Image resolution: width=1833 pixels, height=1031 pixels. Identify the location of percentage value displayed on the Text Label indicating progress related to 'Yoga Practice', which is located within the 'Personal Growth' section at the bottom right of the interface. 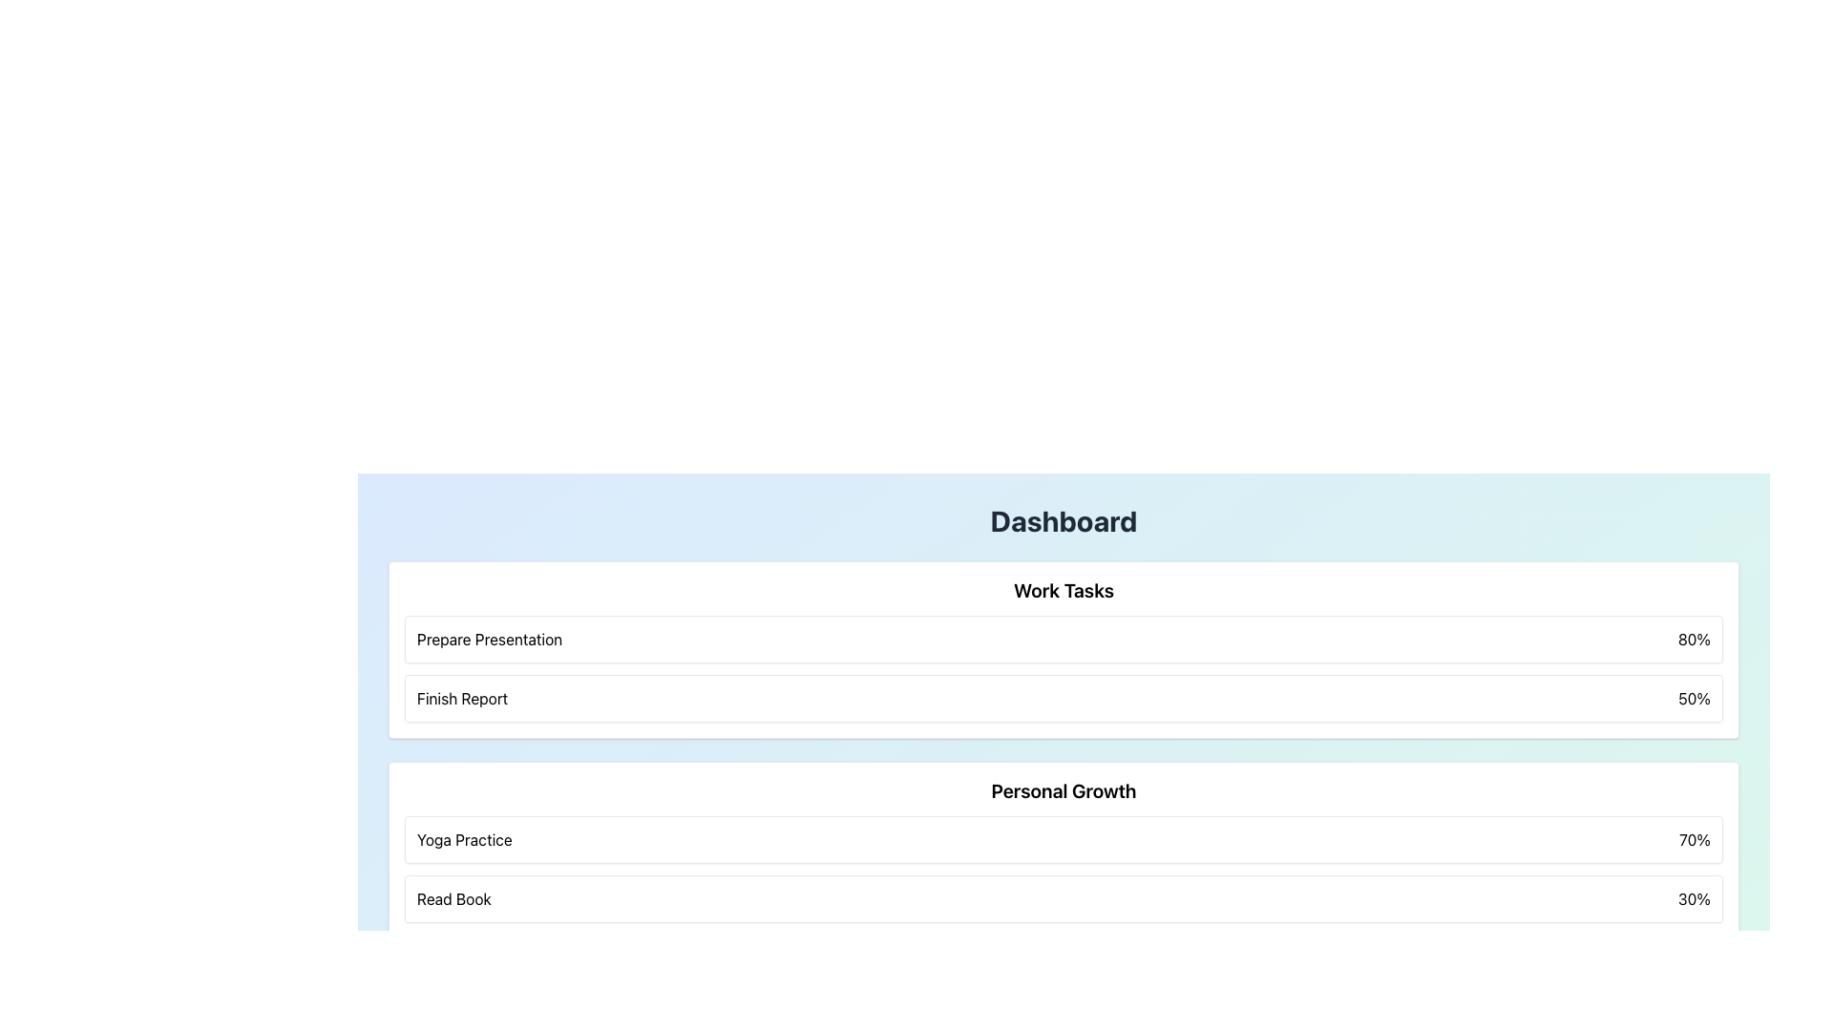
(1695, 838).